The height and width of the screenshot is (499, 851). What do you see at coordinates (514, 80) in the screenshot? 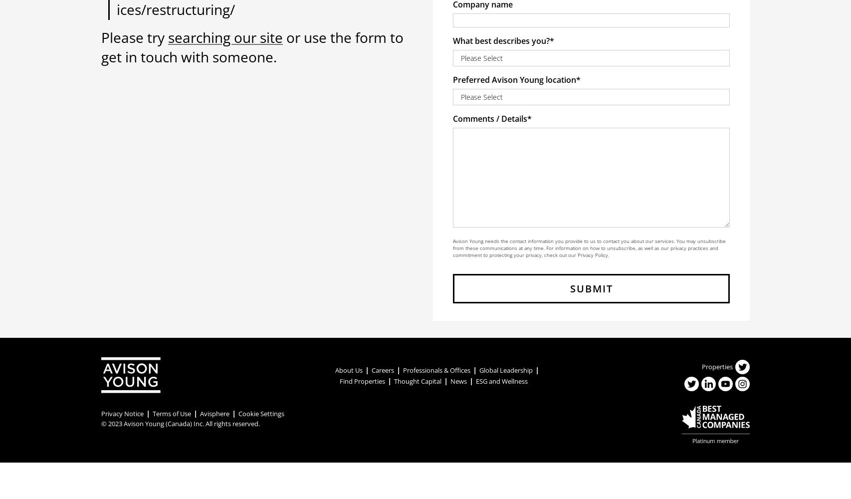
I see `'Preferred Avison Young location'` at bounding box center [514, 80].